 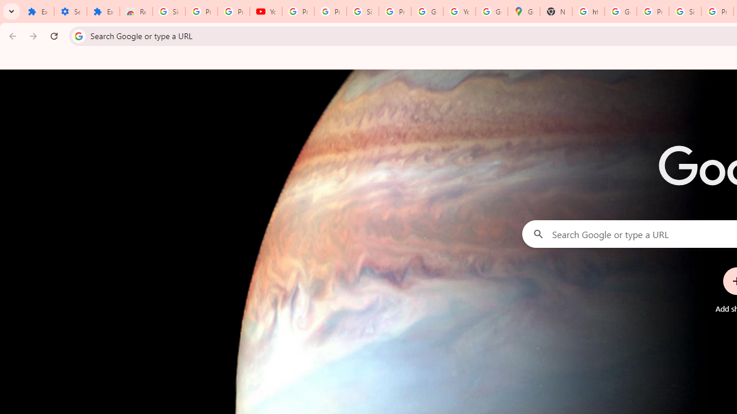 I want to click on 'Google Maps', so click(x=523, y=11).